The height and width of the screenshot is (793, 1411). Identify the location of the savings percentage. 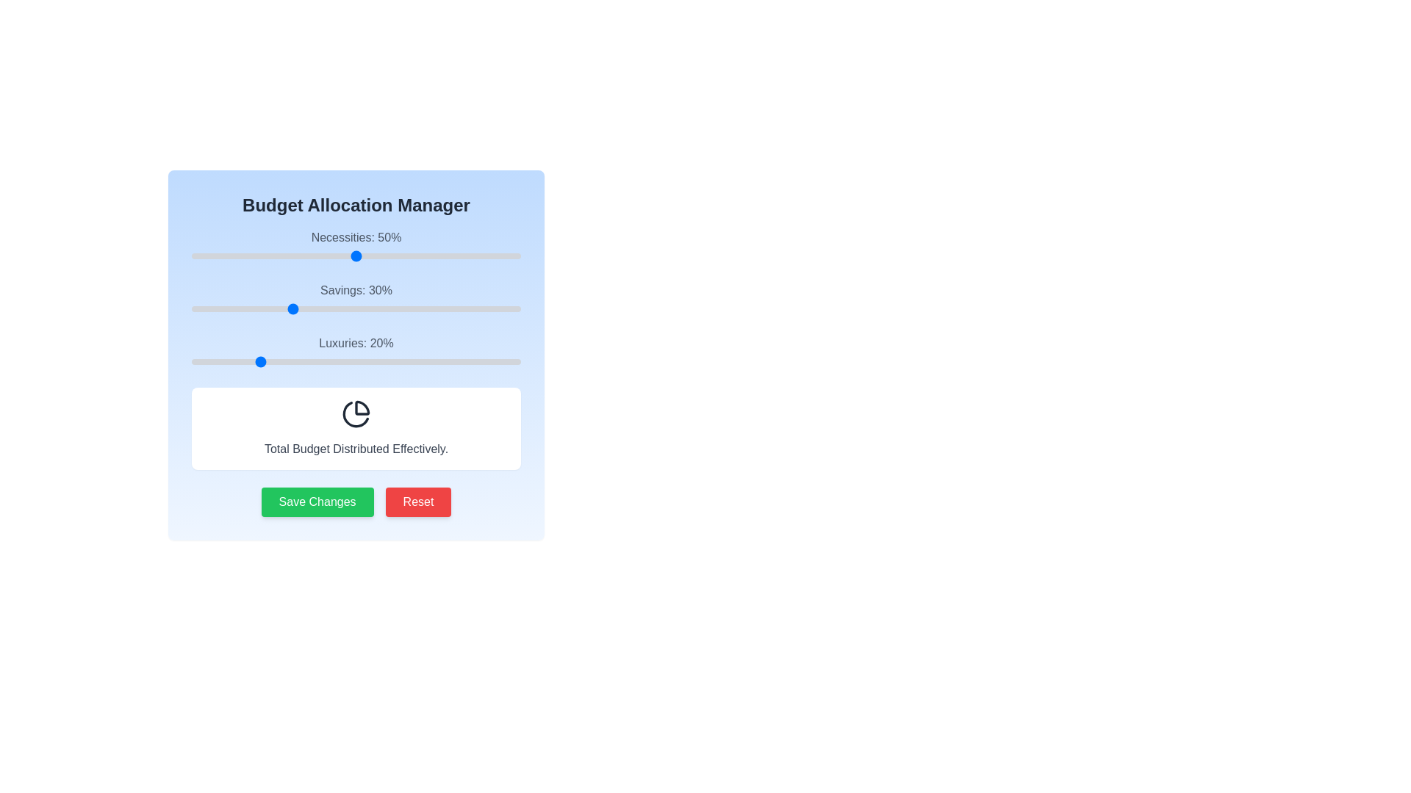
(248, 308).